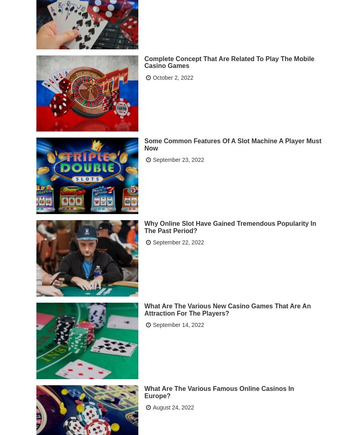  Describe the element at coordinates (233, 144) in the screenshot. I see `'Some Common Features Of  A Slot Machine A Player Must Now'` at that location.